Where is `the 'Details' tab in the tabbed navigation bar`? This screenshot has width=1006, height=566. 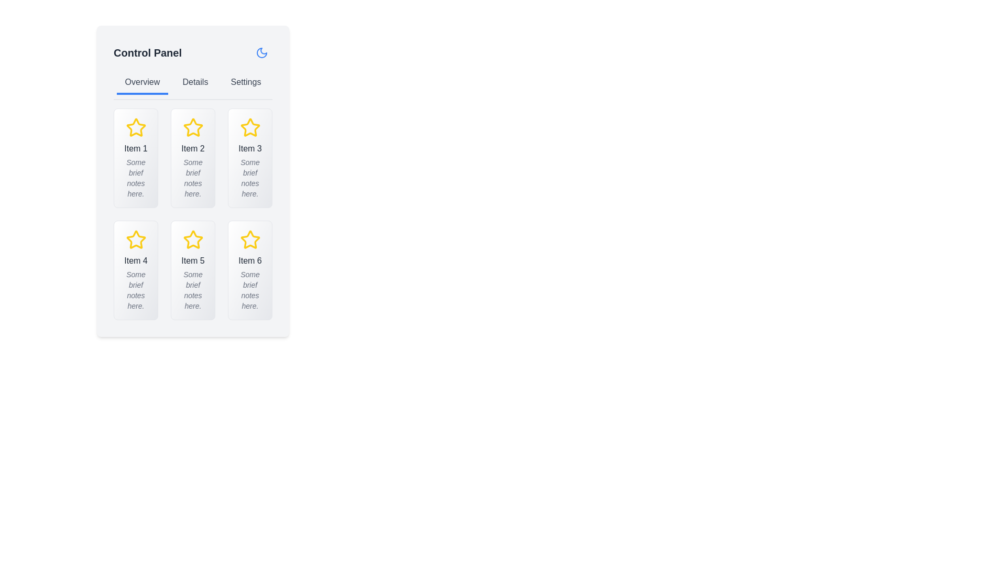 the 'Details' tab in the tabbed navigation bar is located at coordinates (195, 82).